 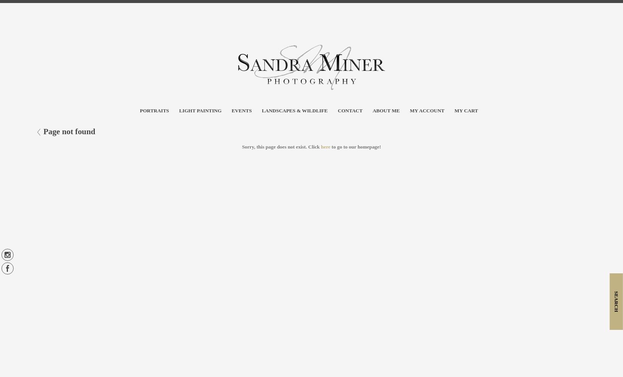 What do you see at coordinates (69, 131) in the screenshot?
I see `'Page not found'` at bounding box center [69, 131].